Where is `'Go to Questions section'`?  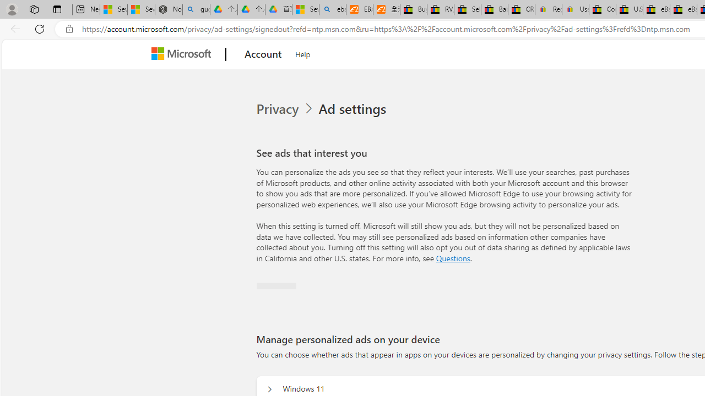
'Go to Questions section' is located at coordinates (453, 258).